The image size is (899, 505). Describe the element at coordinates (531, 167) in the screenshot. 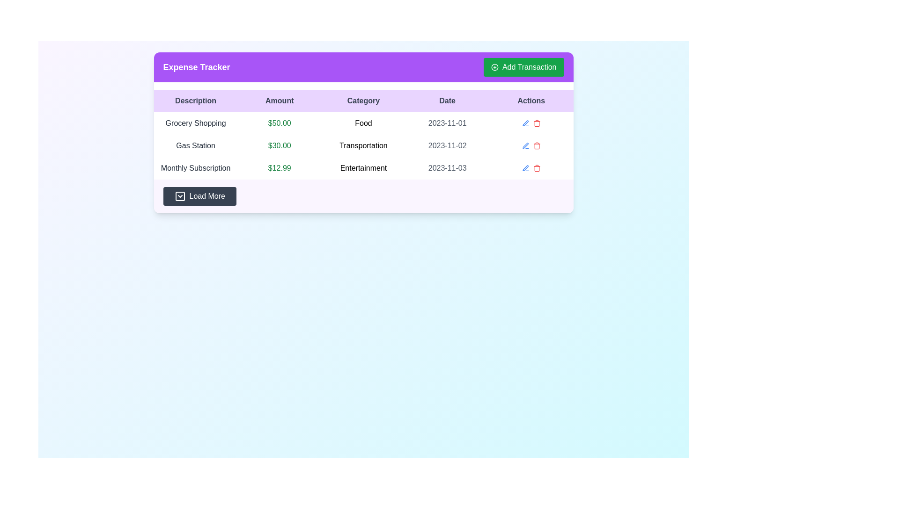

I see `the control panel containing the blue edit icon and the red delete icon, which is positioned at the bottom of the actions column for the monthly subscription details` at that location.